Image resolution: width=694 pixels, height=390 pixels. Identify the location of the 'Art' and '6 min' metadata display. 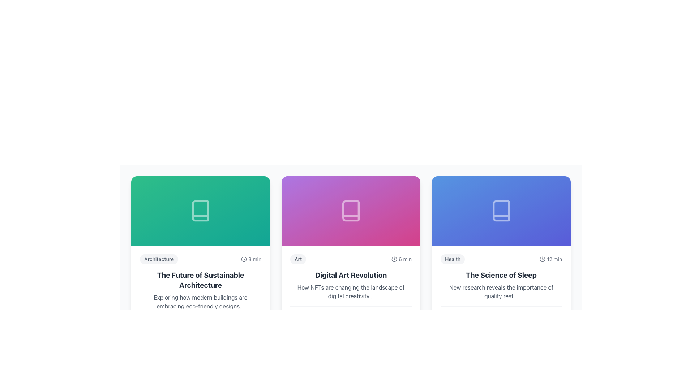
(351, 259).